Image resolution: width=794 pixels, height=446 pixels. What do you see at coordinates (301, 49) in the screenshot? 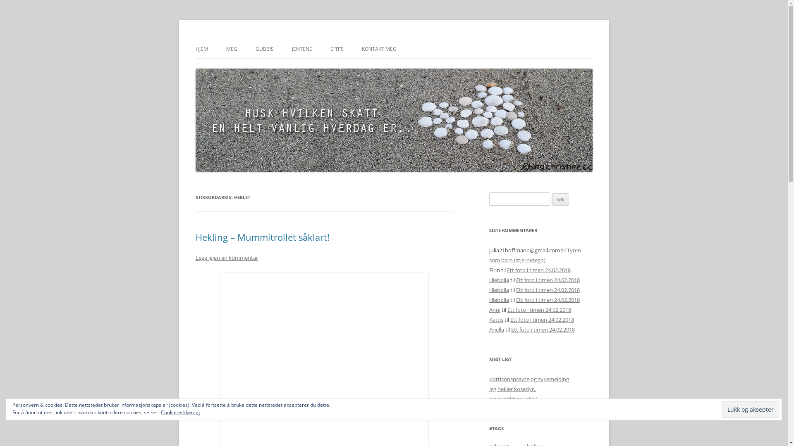
I see `'JENTENE'` at bounding box center [301, 49].